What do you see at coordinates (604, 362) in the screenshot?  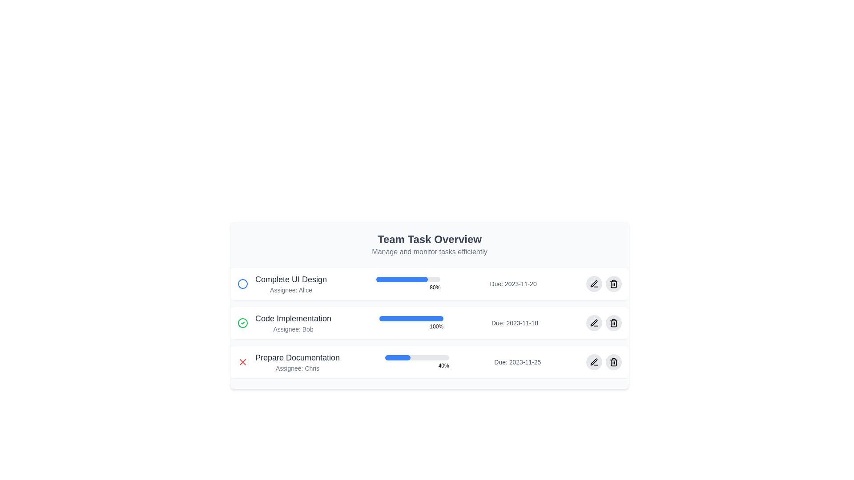 I see `the trash icon in the Action menu located in the bottom-right segment of the 'Prepare Documentation' task block` at bounding box center [604, 362].